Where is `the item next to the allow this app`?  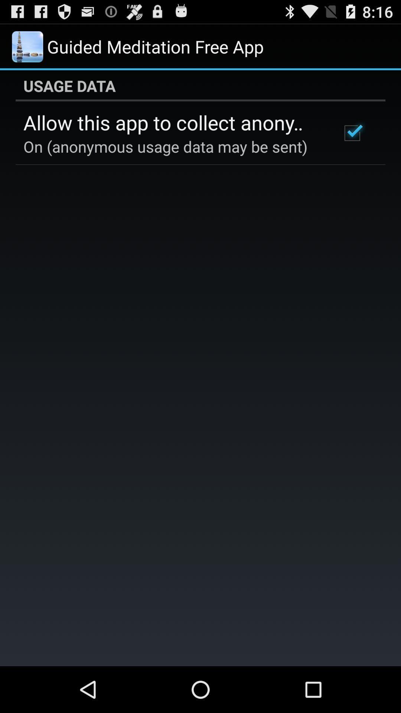
the item next to the allow this app is located at coordinates (352, 133).